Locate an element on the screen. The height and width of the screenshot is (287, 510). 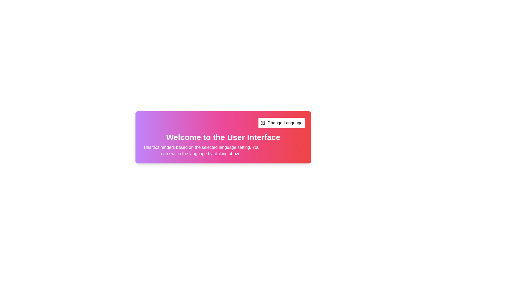
the language change icon located to the left of the 'Change Language' button in the top-right corner of the main card interface is located at coordinates (263, 123).